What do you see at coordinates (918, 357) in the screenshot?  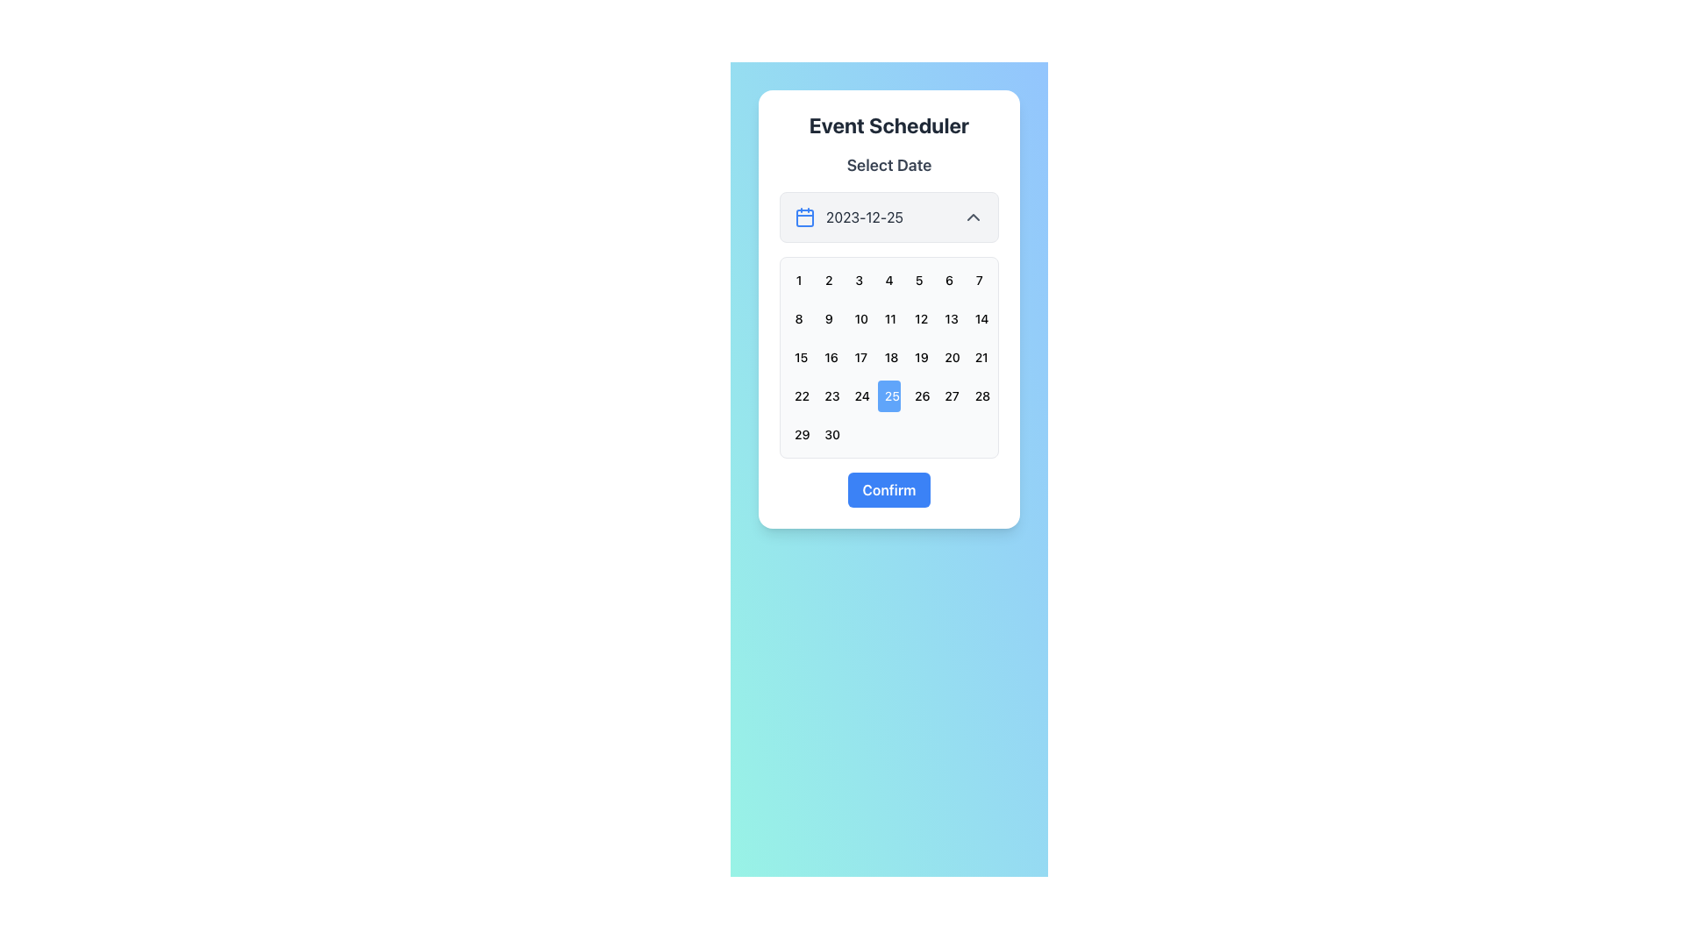 I see `the date selection button located in the third row and fifth column of the calendar widget` at bounding box center [918, 357].